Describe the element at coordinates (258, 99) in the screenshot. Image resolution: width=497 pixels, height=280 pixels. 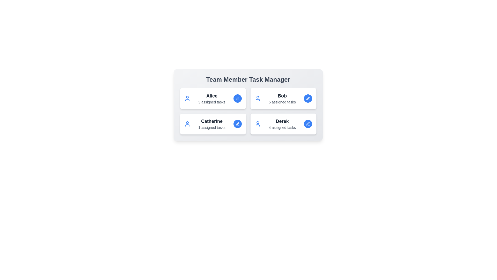
I see `the icon representing Bob to interact with their tasks` at that location.